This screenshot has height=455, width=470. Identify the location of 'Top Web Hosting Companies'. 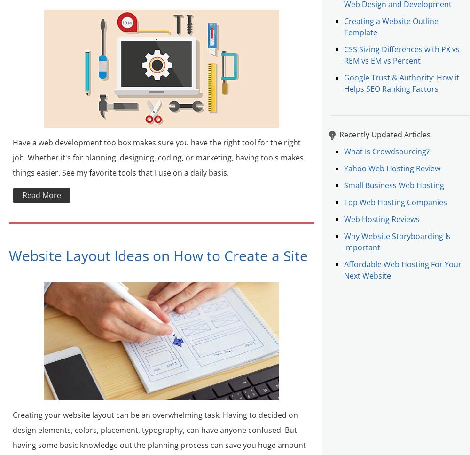
(395, 202).